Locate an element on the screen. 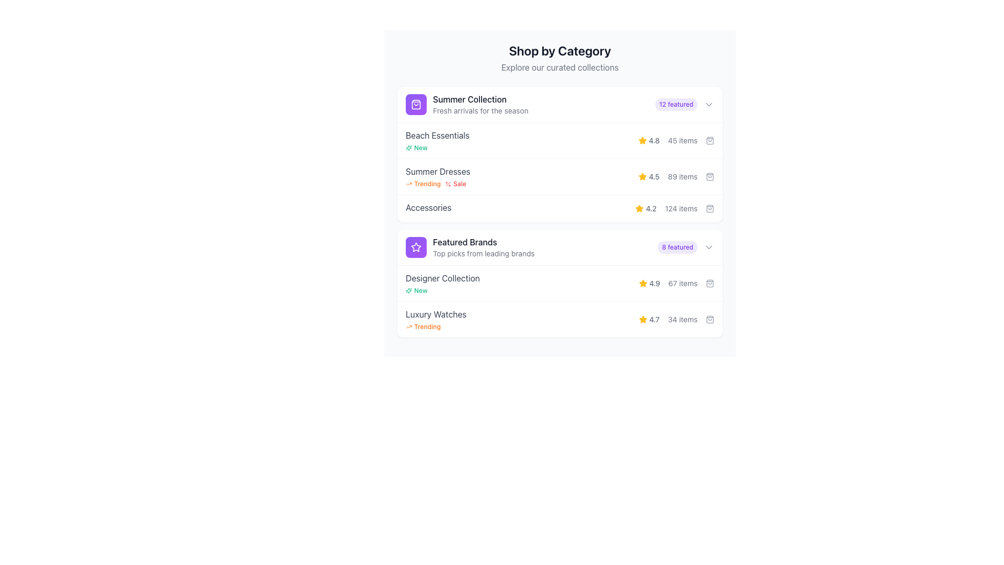  the Display information row containing a rating of 4.5 and '89 items' in the 'Summer Dresses' category is located at coordinates (676, 176).